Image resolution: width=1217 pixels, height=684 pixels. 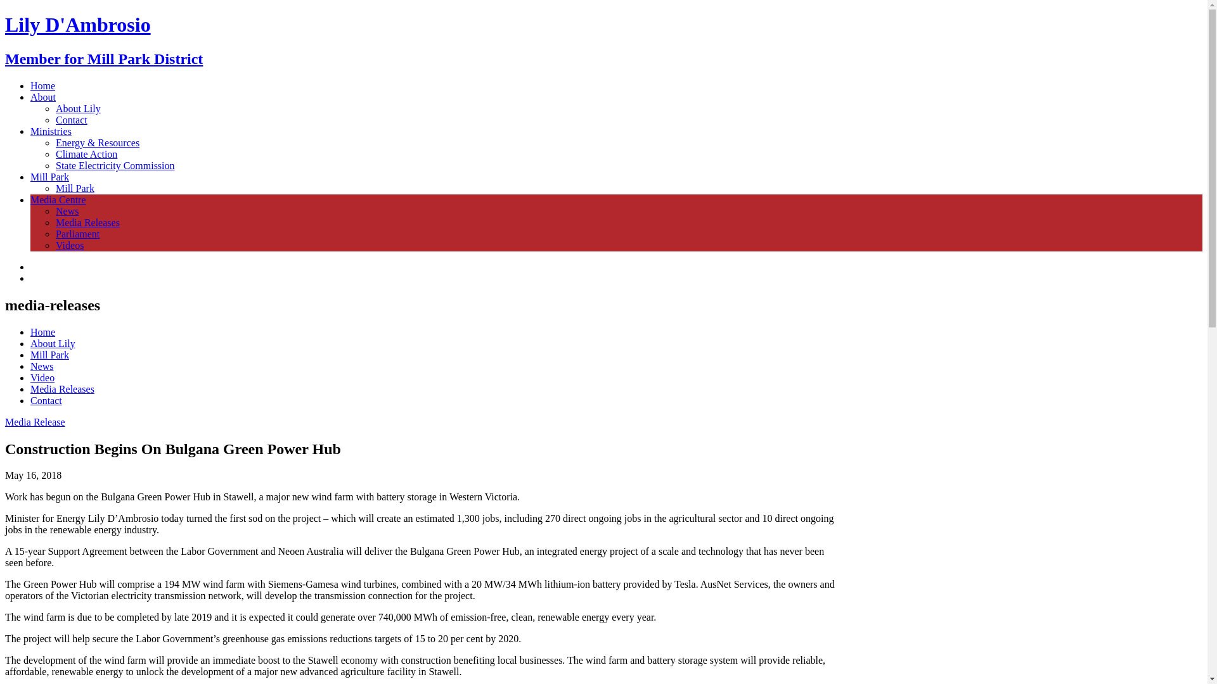 I want to click on 'Lily D'Ambrosio', so click(x=5, y=24).